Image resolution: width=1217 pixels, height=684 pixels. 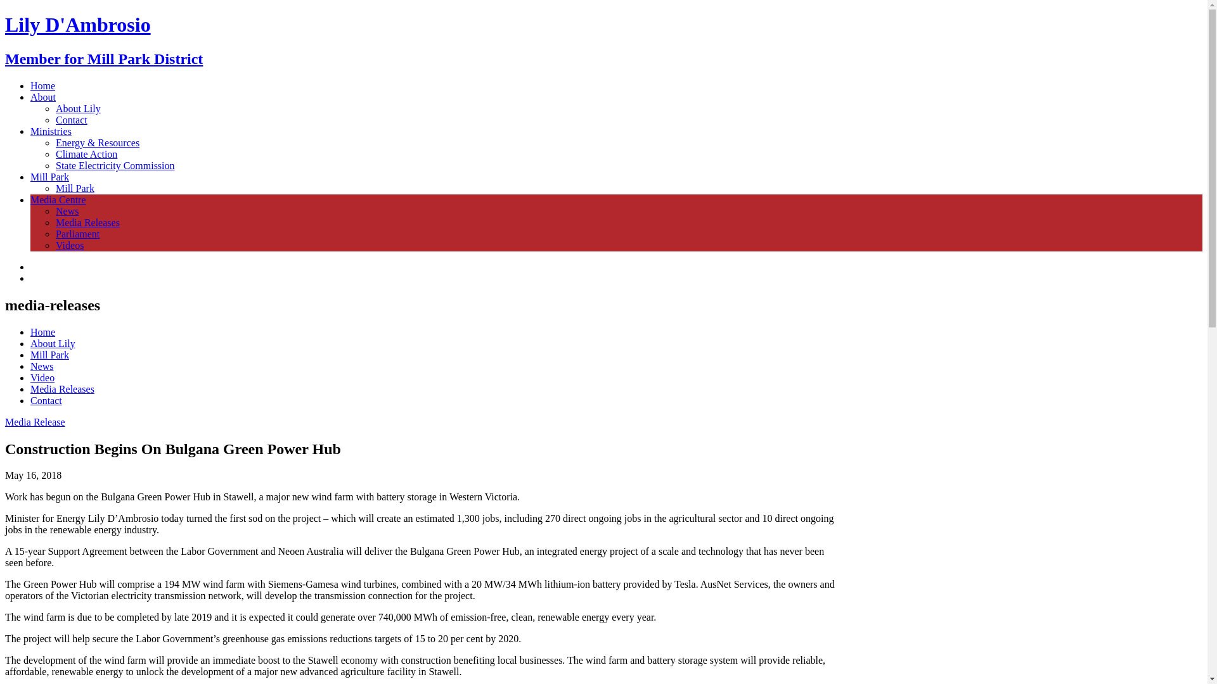 I want to click on 'Lily D'Ambrosio', so click(x=5, y=24).